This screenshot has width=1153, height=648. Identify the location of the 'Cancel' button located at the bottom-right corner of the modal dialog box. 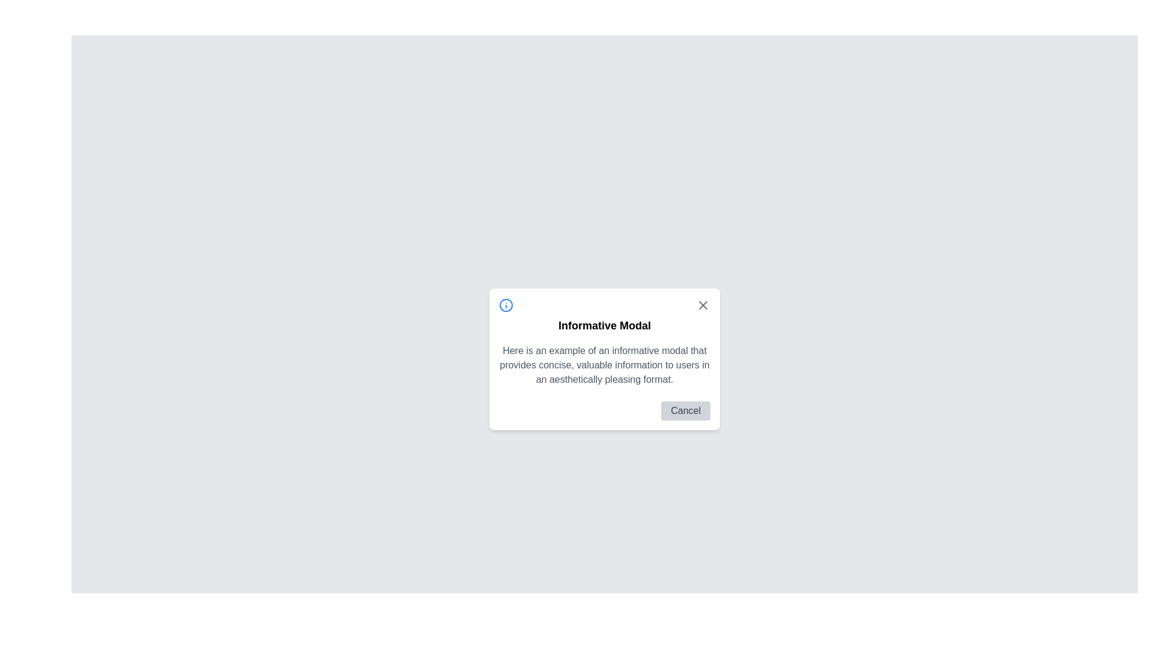
(686, 410).